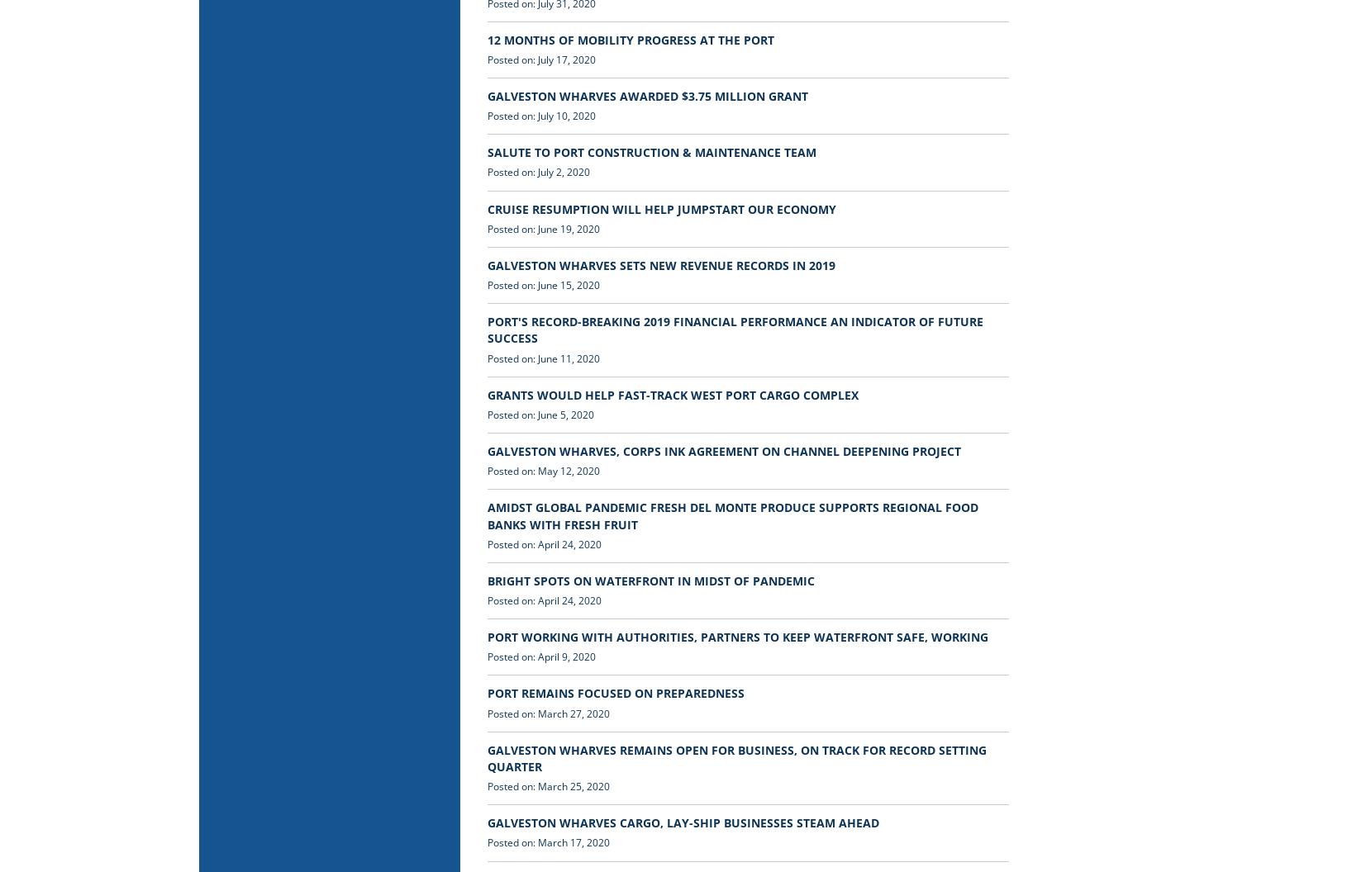 Image resolution: width=1366 pixels, height=872 pixels. What do you see at coordinates (543, 358) in the screenshot?
I see `'Posted on: June 11, 2020'` at bounding box center [543, 358].